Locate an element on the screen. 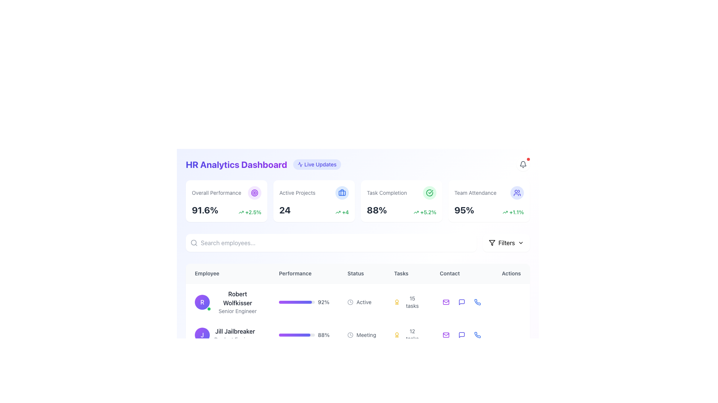 The width and height of the screenshot is (718, 403). the text '15 tasks' with the yellow award icon located in the 'Tasks' column of the second row for employee 'Robert Wolfkisser' is located at coordinates (407, 302).